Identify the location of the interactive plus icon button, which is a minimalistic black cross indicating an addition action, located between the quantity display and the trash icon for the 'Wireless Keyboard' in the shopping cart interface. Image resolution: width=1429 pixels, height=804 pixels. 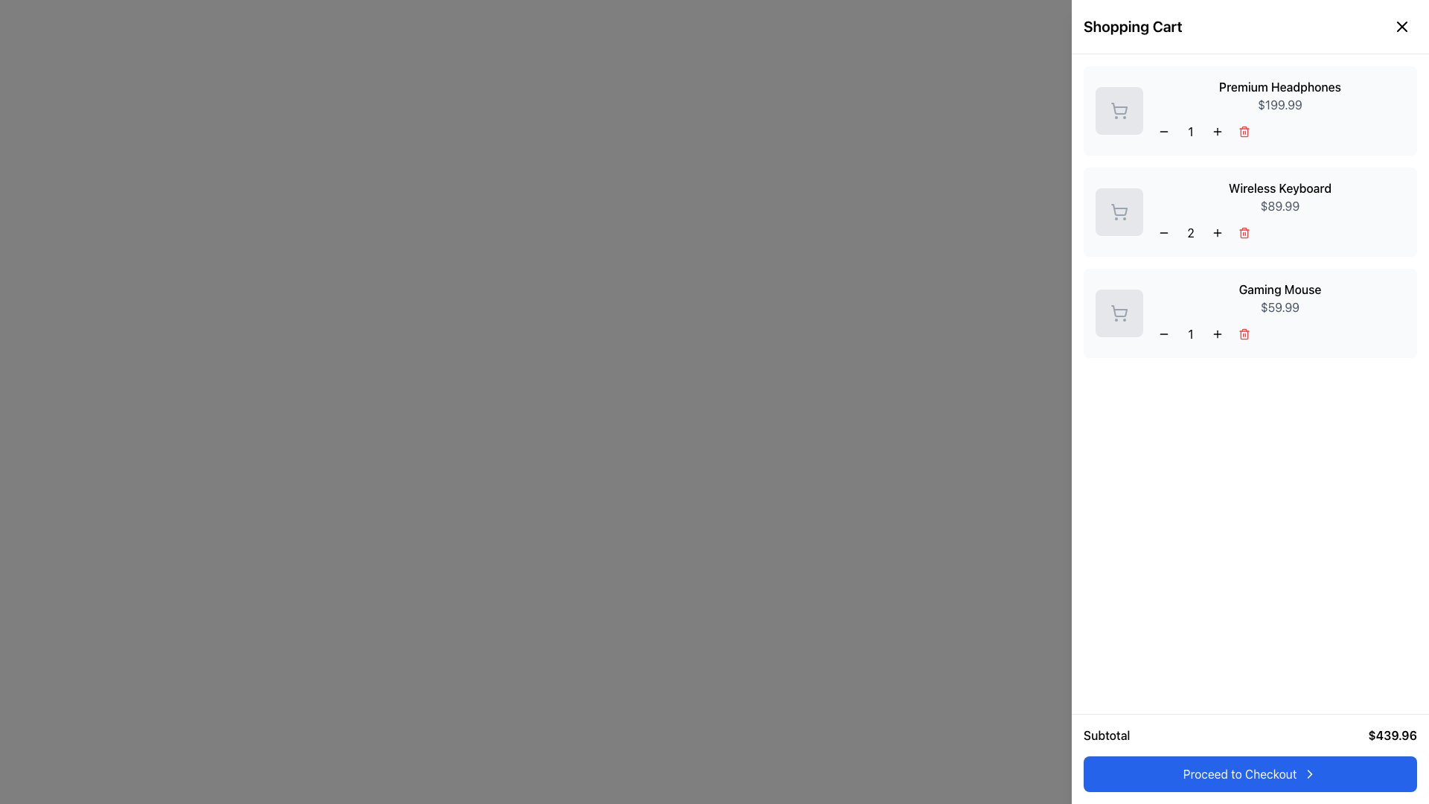
(1218, 232).